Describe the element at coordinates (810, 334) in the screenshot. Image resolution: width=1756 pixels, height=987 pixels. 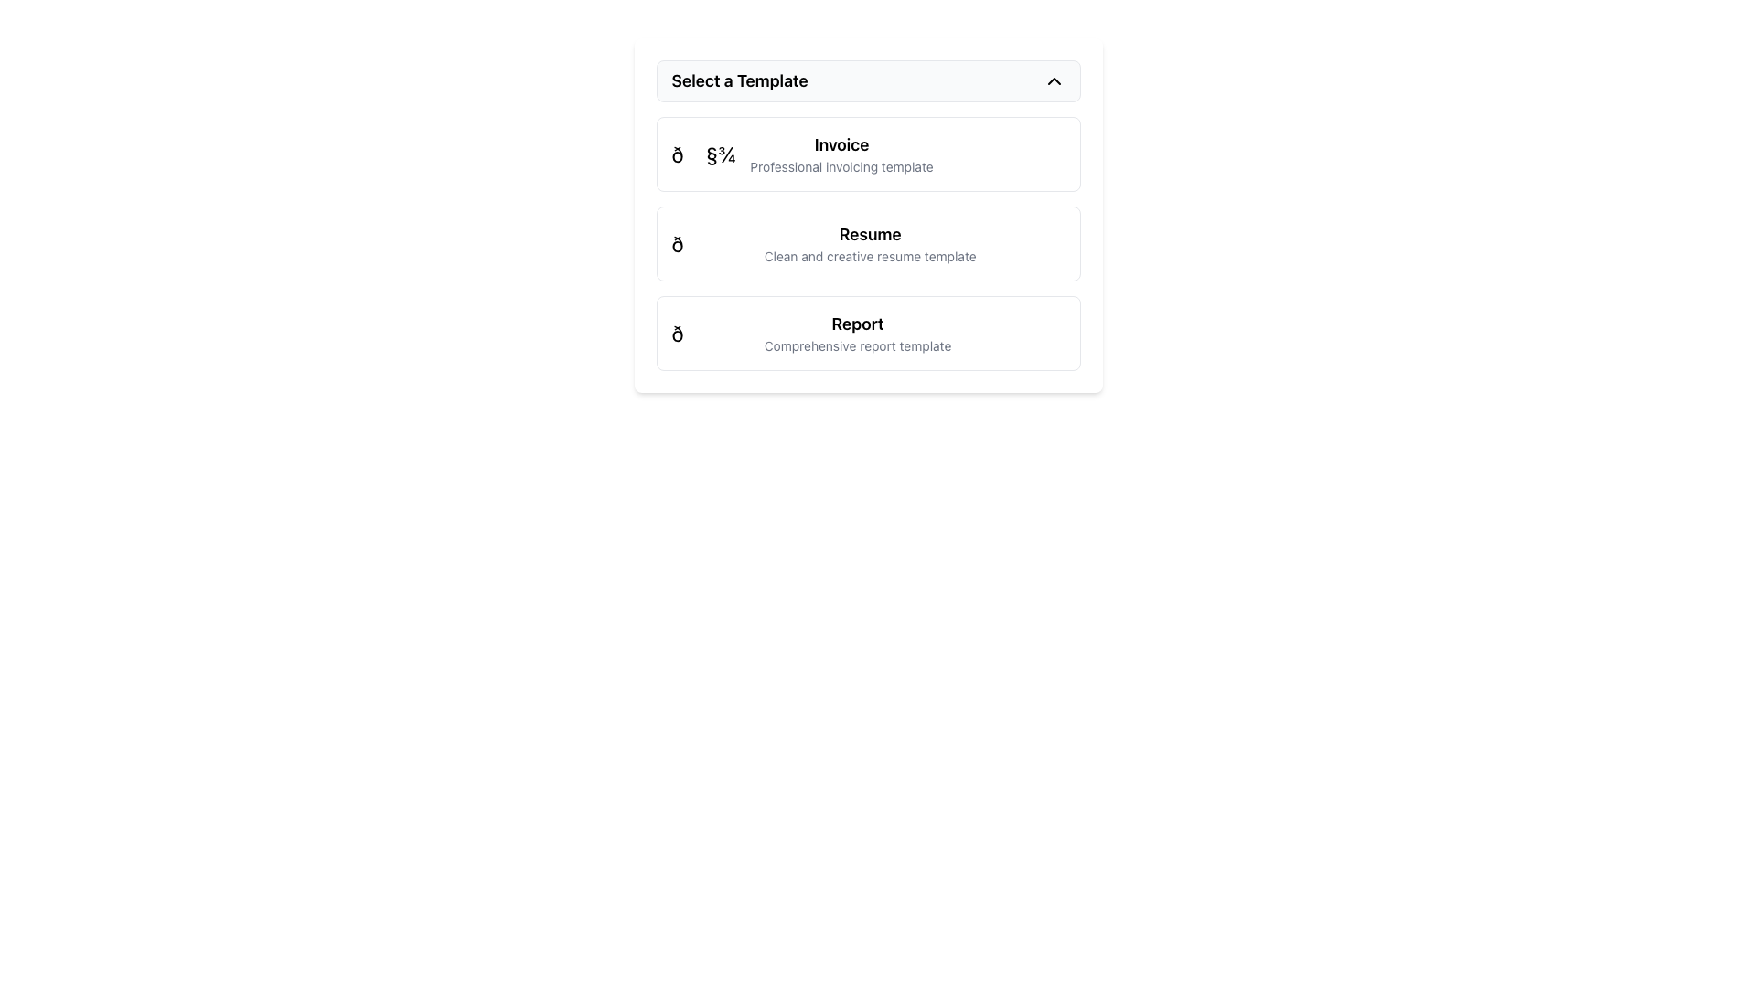
I see `the 'Report' template option, which is the third item in the 'Select a Template' section` at that location.